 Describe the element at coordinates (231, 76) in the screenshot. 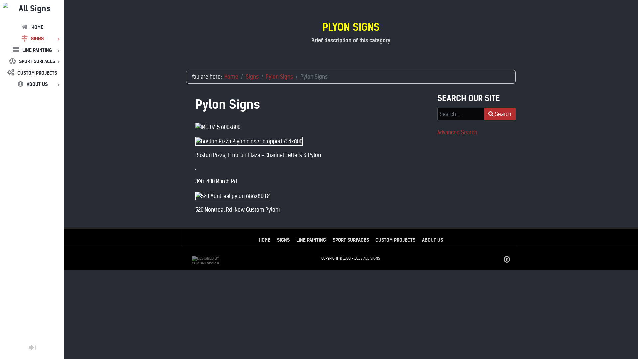

I see `'Home'` at that location.